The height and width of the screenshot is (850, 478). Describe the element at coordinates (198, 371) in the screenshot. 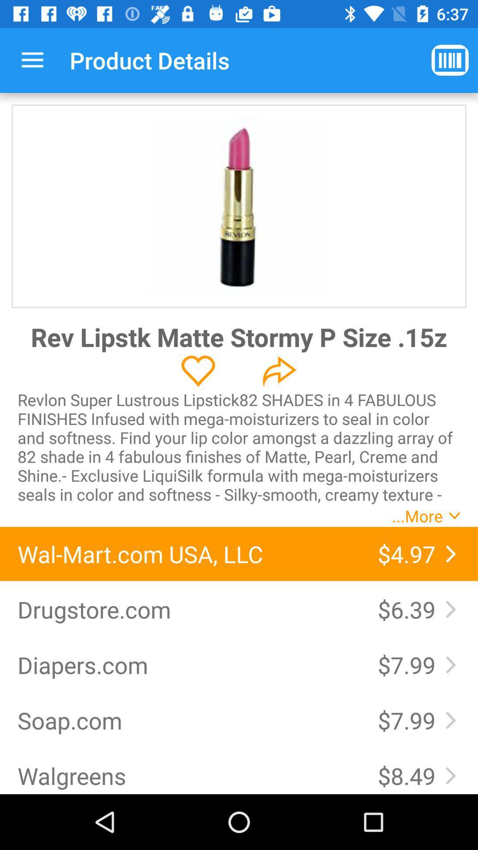

I see `wishlist the article` at that location.